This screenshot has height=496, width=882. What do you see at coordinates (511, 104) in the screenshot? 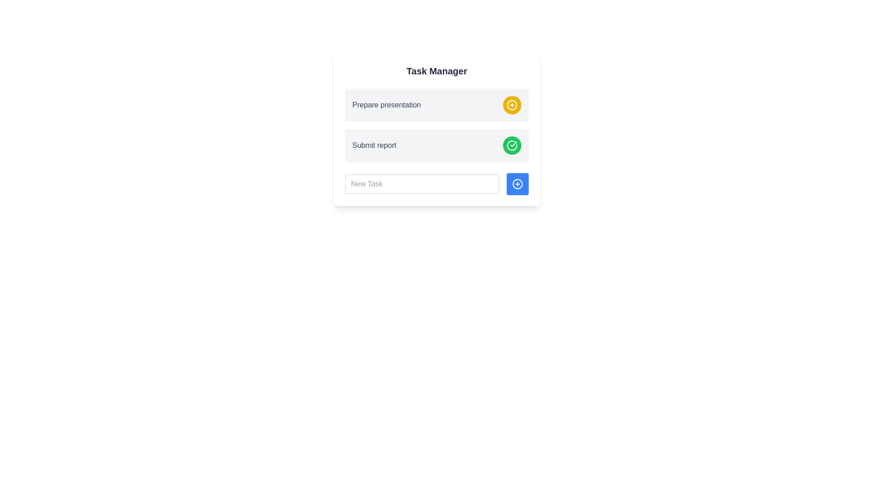
I see `the addition Icon button located on the right-hand side of the 'Prepare presentation' list item in the task list` at bounding box center [511, 104].